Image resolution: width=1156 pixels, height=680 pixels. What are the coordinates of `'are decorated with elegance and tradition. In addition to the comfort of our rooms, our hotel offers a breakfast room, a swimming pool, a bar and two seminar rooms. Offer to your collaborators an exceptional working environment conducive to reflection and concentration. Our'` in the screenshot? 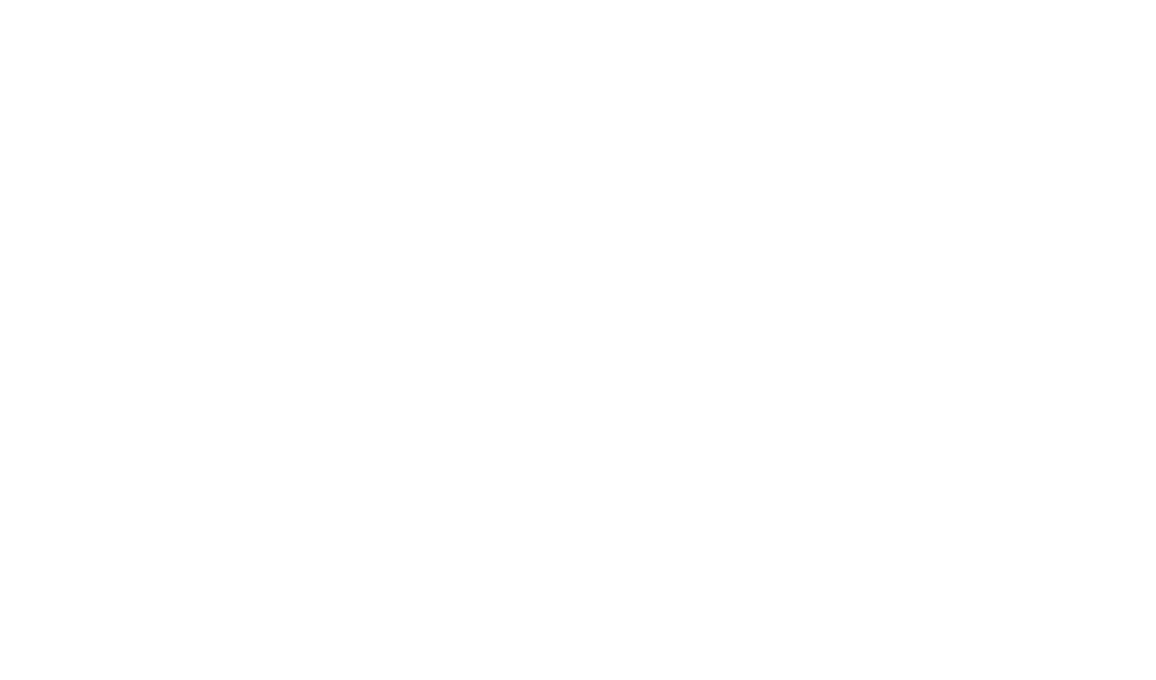 It's located at (578, 589).